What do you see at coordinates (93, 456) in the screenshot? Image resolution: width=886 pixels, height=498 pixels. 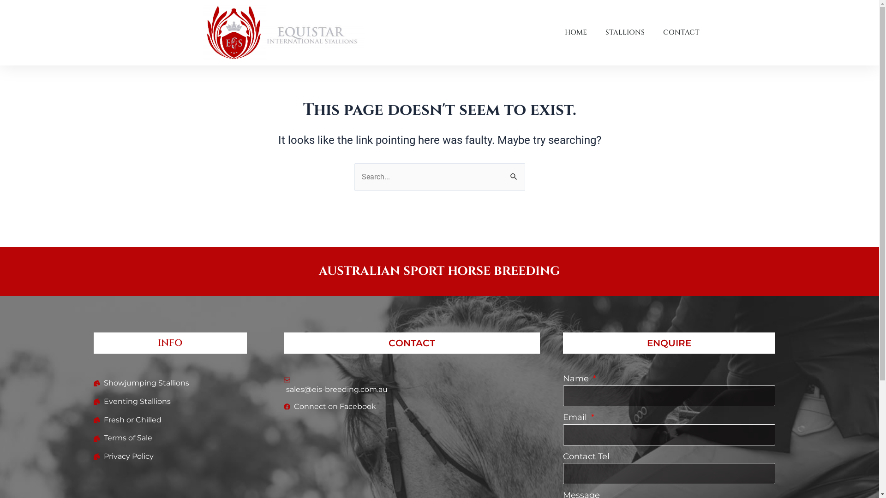 I see `'Privacy Policy'` at bounding box center [93, 456].